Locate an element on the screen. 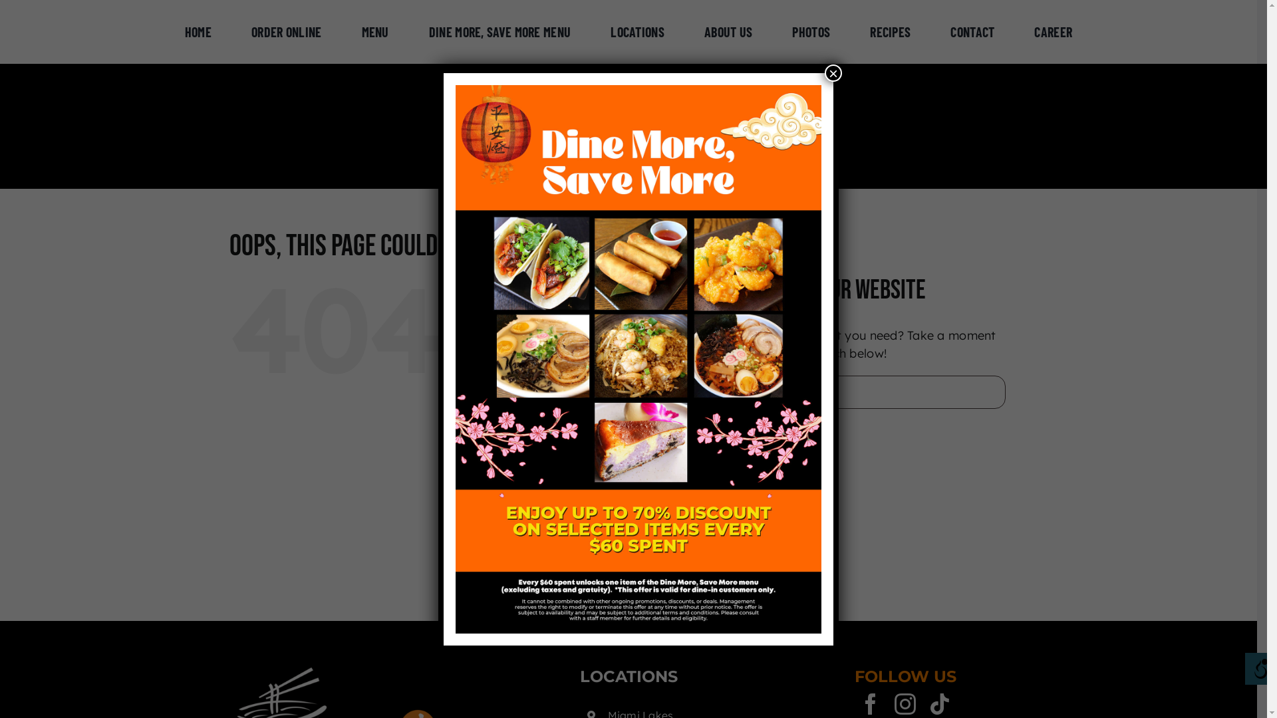  'Menu' is located at coordinates (572, 389).